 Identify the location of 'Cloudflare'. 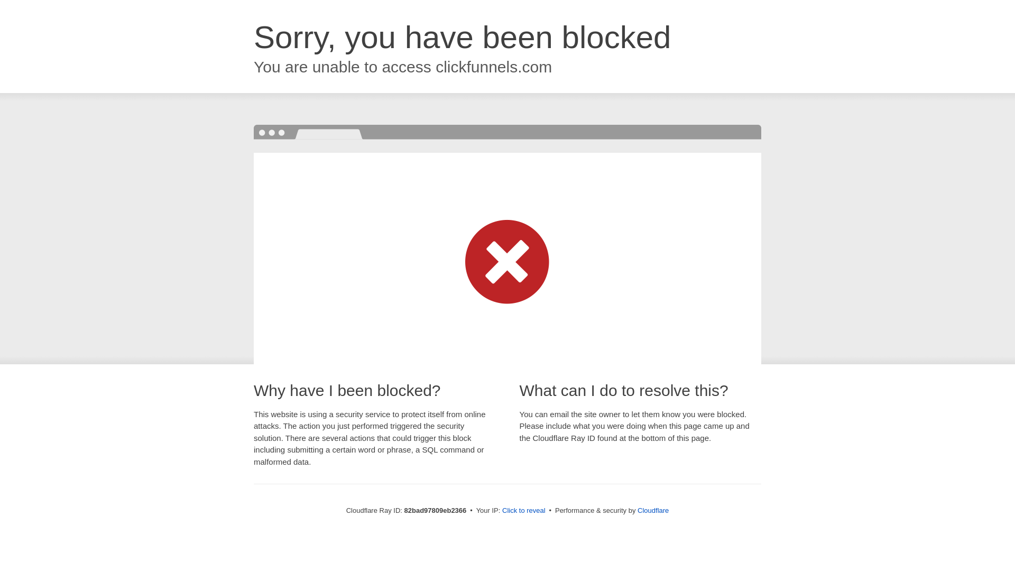
(652, 510).